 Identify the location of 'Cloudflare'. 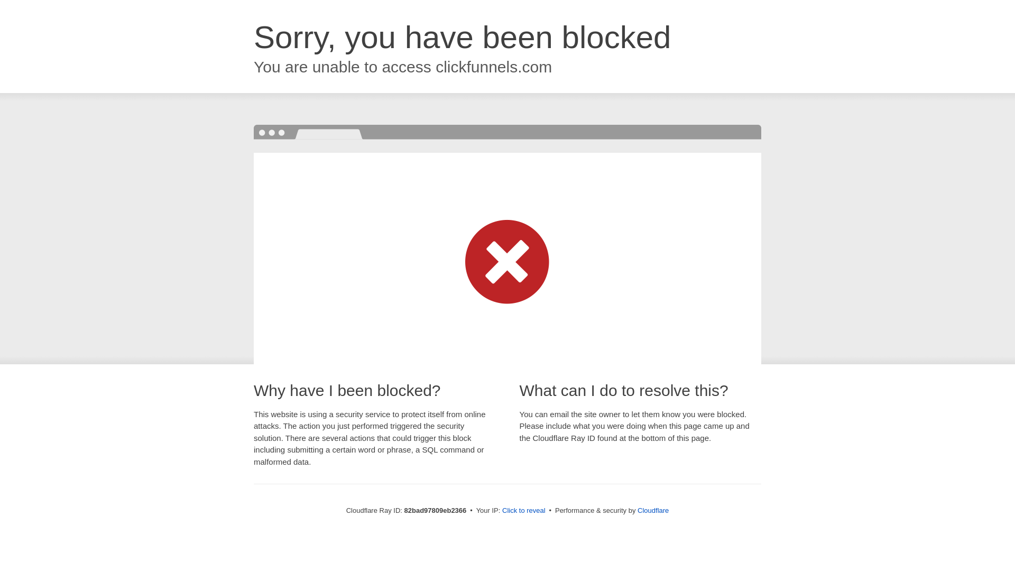
(652, 510).